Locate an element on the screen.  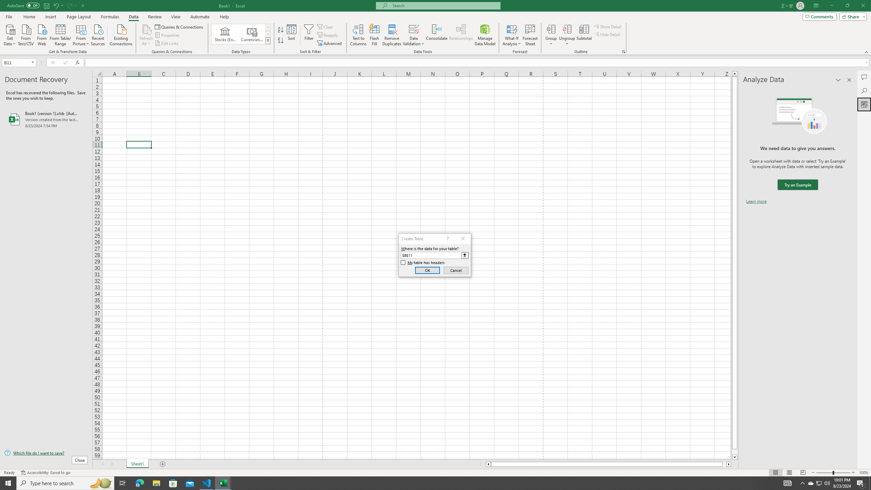
'What-If Analysis' is located at coordinates (512, 35).